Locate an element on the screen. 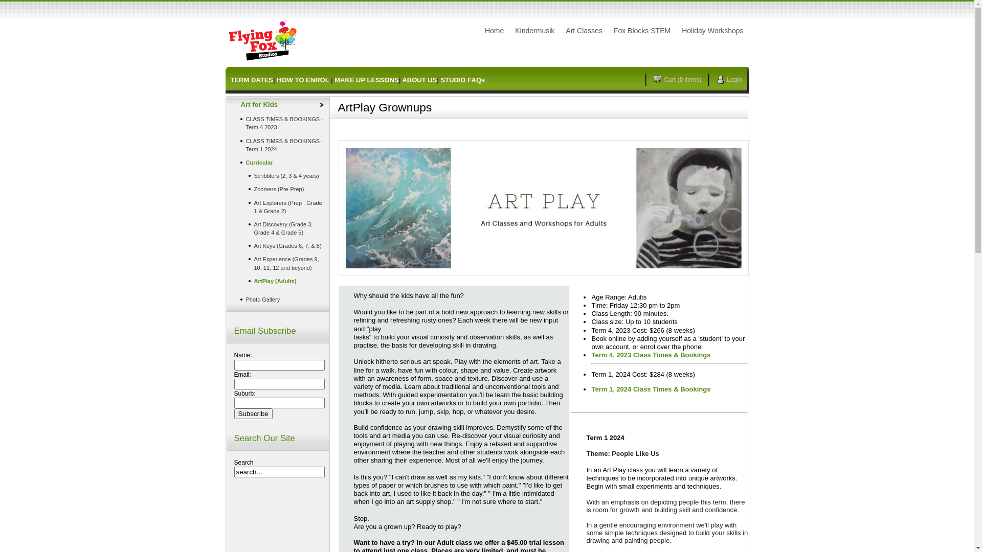  'Log in' is located at coordinates (542, 38).